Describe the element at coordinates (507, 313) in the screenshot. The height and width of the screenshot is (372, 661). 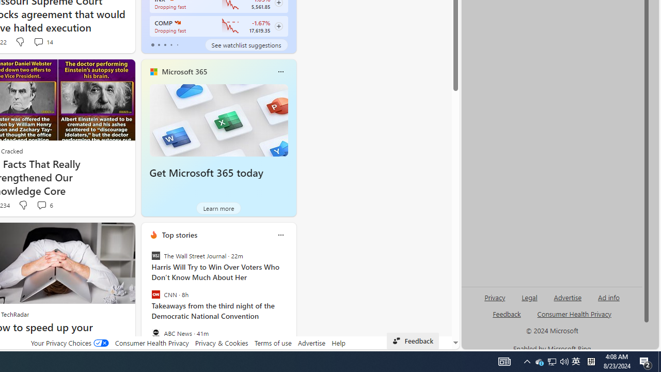
I see `'AutomationID: sb_feedback'` at that location.